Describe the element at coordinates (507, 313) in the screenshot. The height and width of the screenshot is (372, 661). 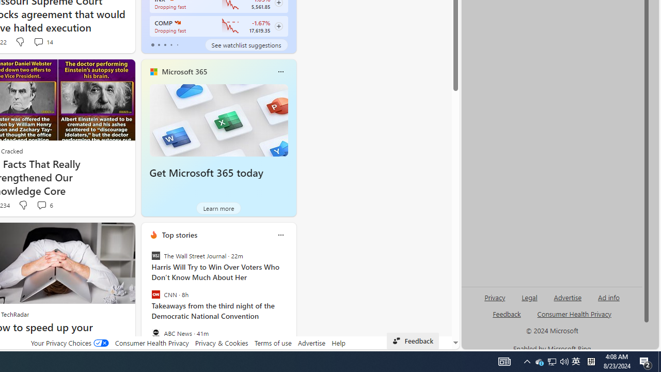
I see `'AutomationID: sb_feedback'` at that location.